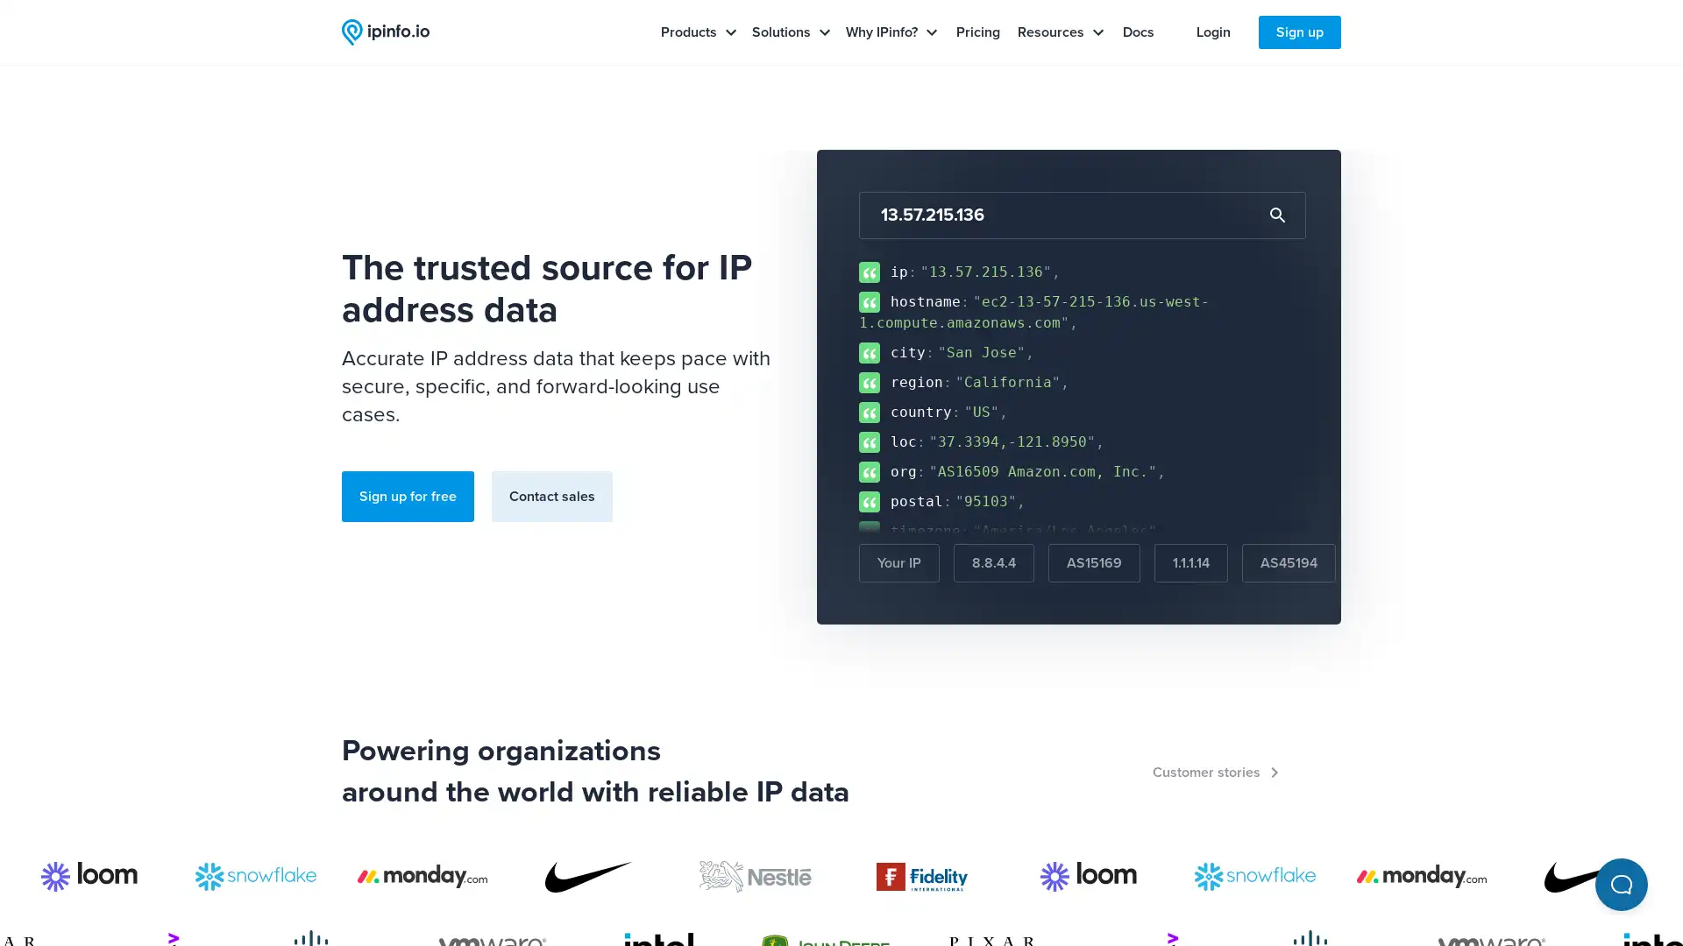 The width and height of the screenshot is (1683, 946). Describe the element at coordinates (1620, 885) in the screenshot. I see `Load Chat` at that location.